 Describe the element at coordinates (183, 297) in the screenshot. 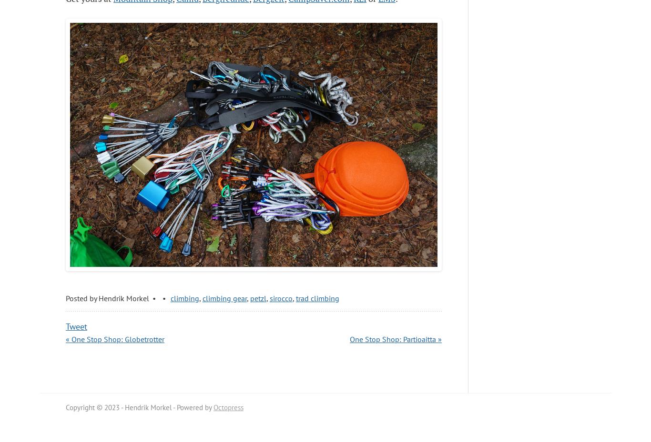

I see `'climbing'` at that location.